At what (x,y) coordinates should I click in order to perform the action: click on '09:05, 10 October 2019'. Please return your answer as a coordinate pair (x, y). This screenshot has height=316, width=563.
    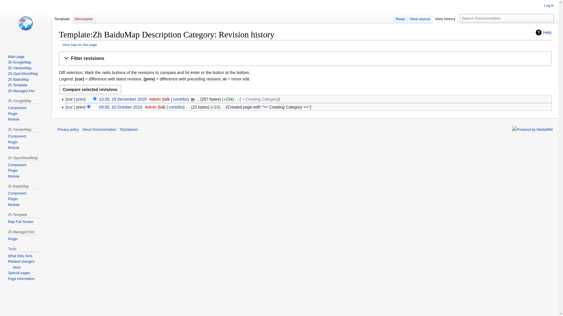
    Looking at the image, I should click on (120, 107).